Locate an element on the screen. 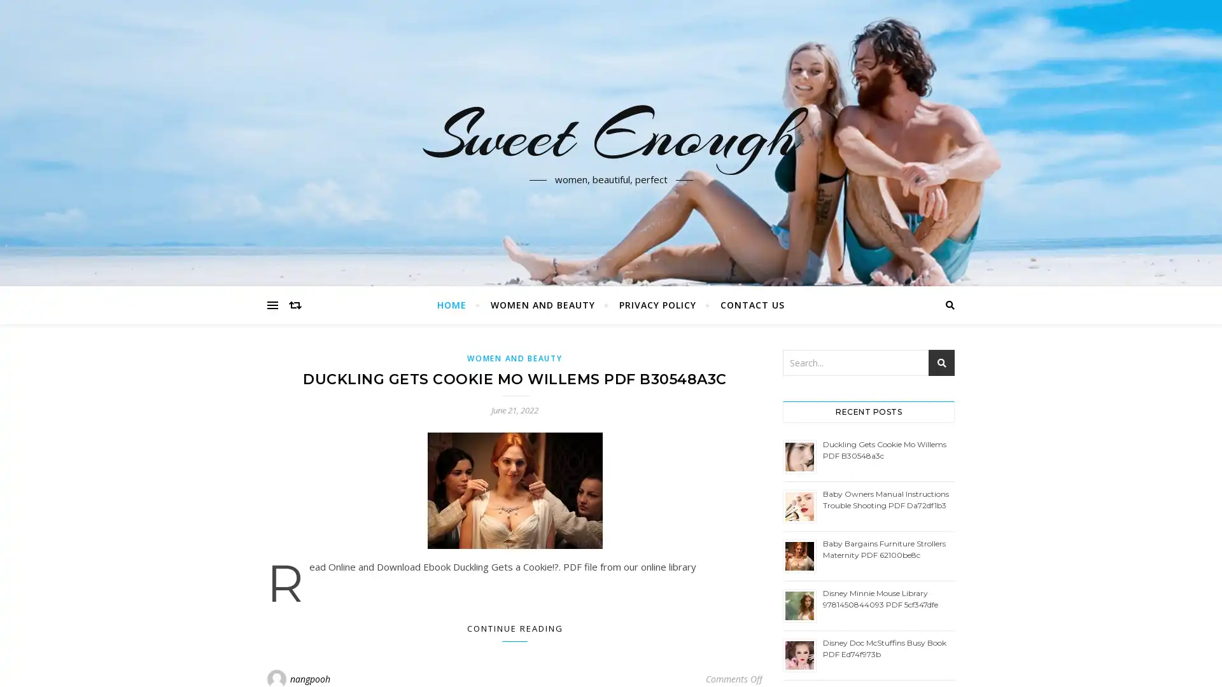 This screenshot has width=1222, height=687. st is located at coordinates (941, 363).